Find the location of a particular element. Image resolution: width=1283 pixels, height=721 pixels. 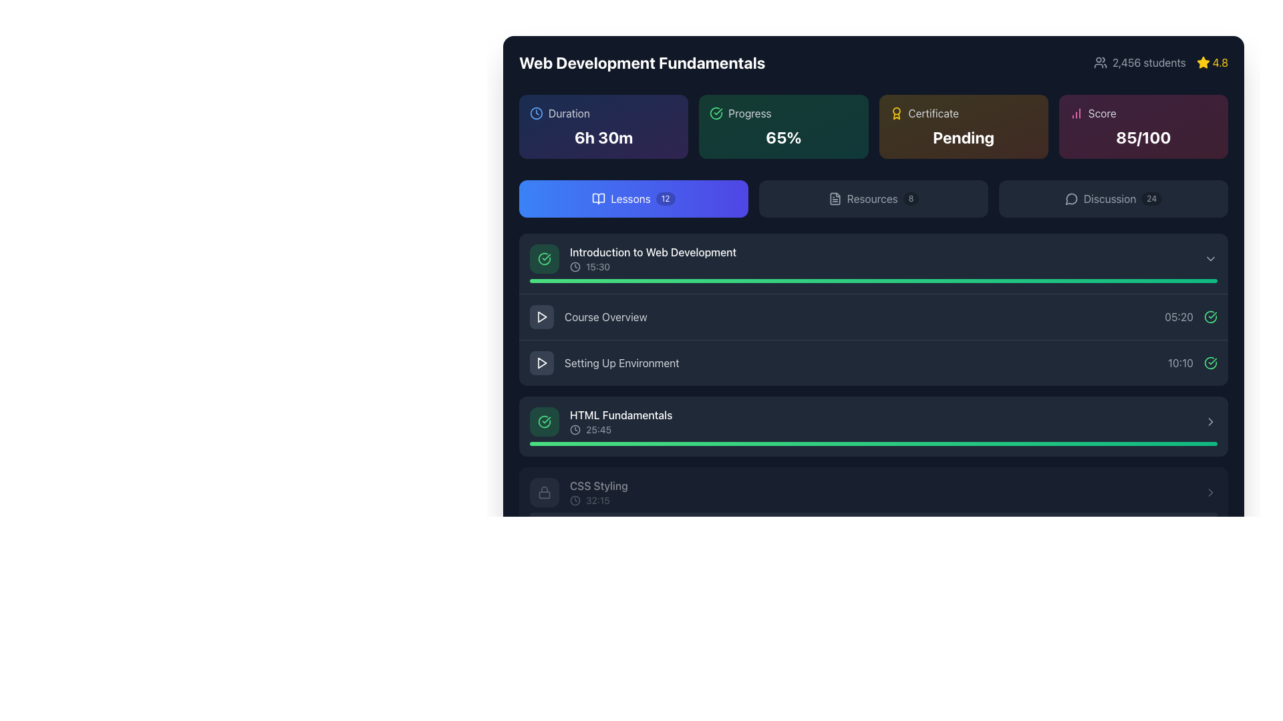

the context from the accompanying icon of the informational label located is located at coordinates (964, 112).